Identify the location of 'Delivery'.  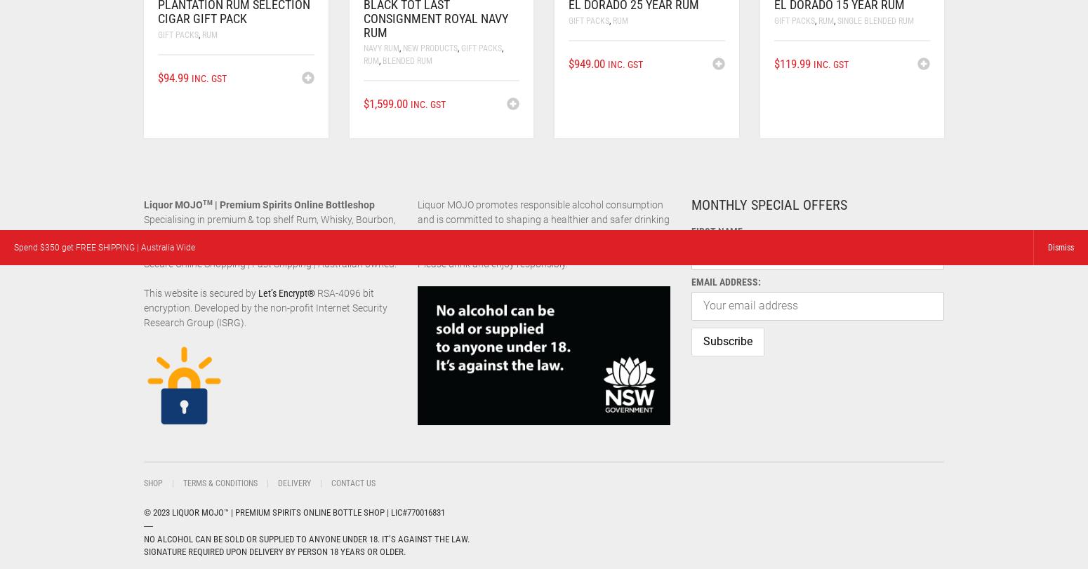
(294, 483).